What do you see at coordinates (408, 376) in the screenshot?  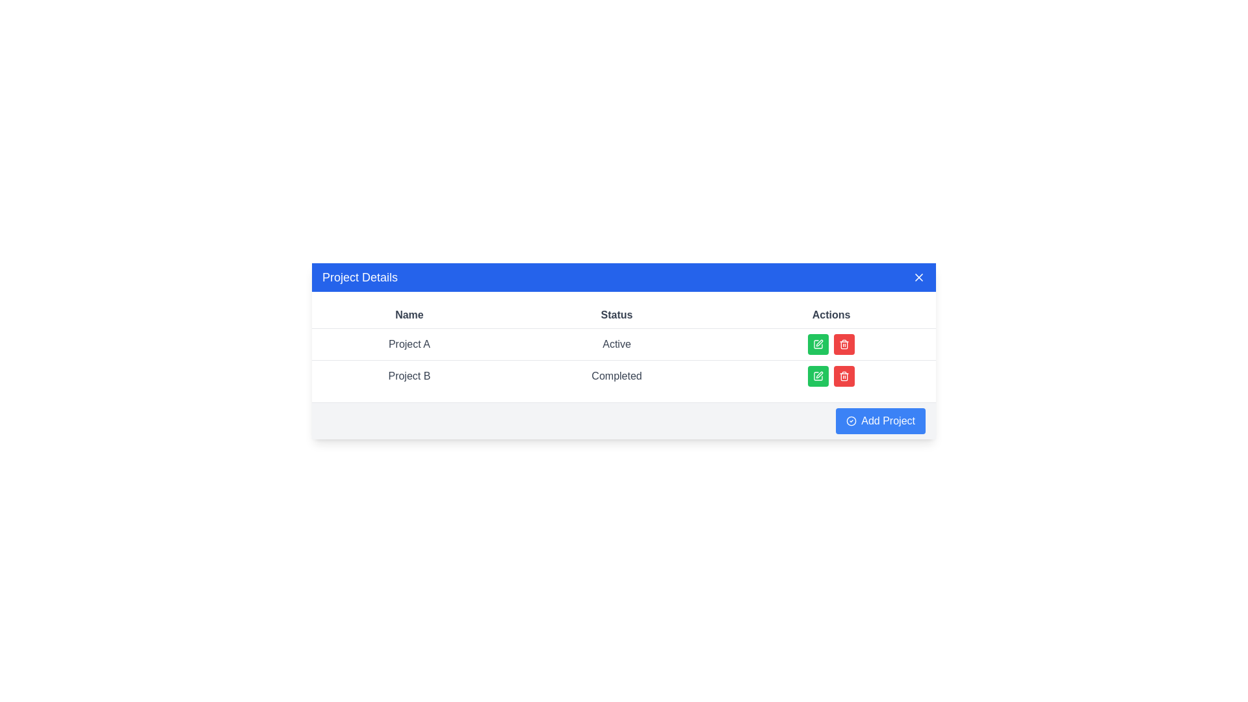 I see `the text label representing 'Project B' in the 'Name' column, located in the second row of the table` at bounding box center [408, 376].